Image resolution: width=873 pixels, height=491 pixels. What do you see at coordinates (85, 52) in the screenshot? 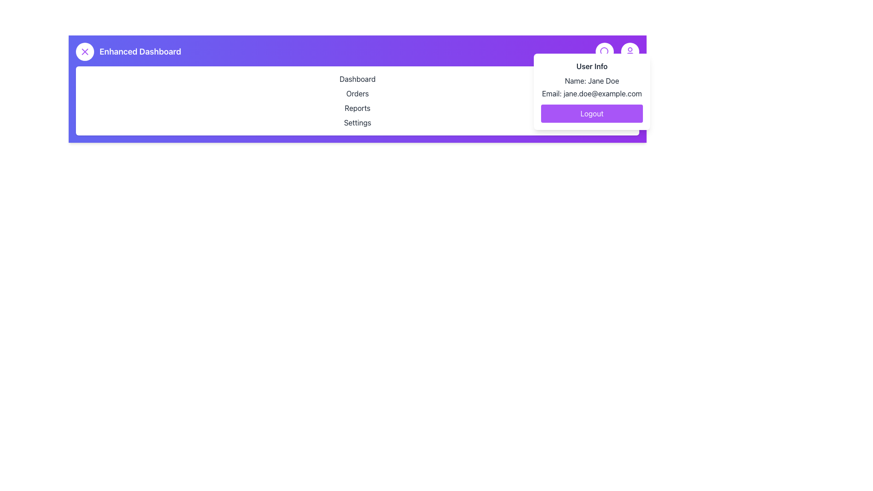
I see `the close button located at the top-left corner of the 'Enhanced Dashboard' header` at bounding box center [85, 52].